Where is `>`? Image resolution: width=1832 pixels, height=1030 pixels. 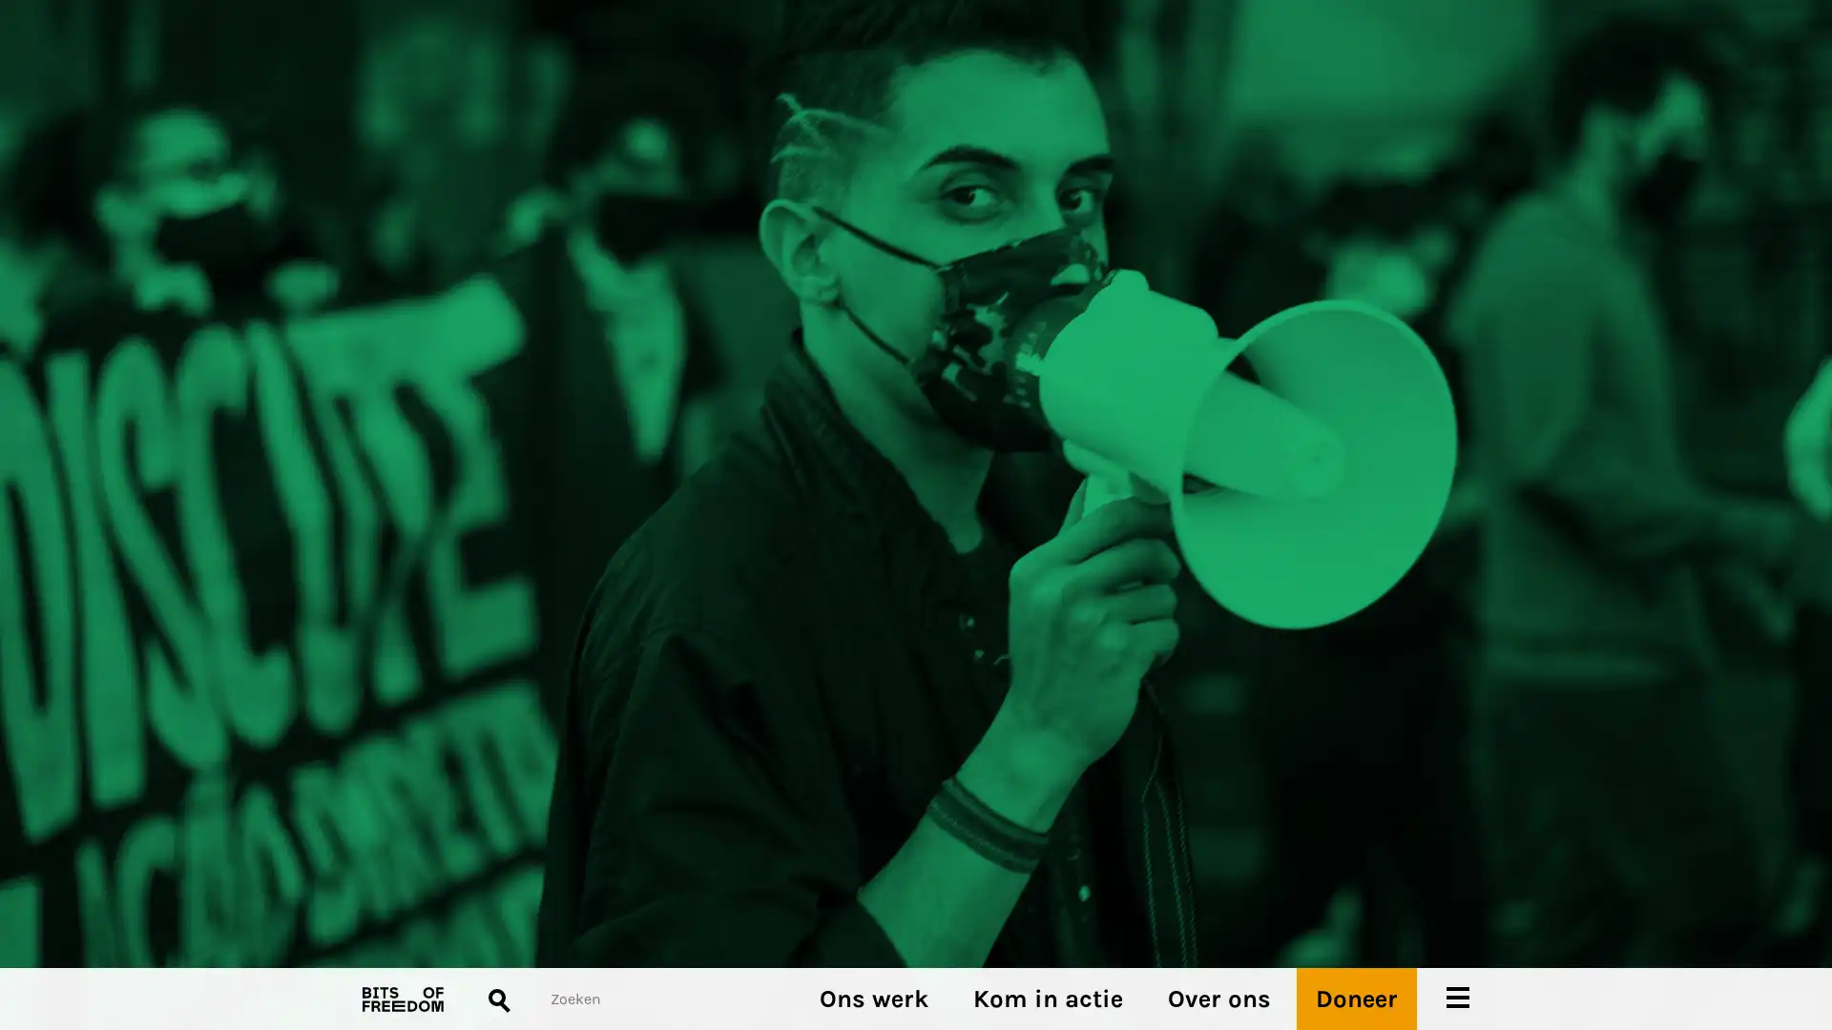 > is located at coordinates (952, 587).